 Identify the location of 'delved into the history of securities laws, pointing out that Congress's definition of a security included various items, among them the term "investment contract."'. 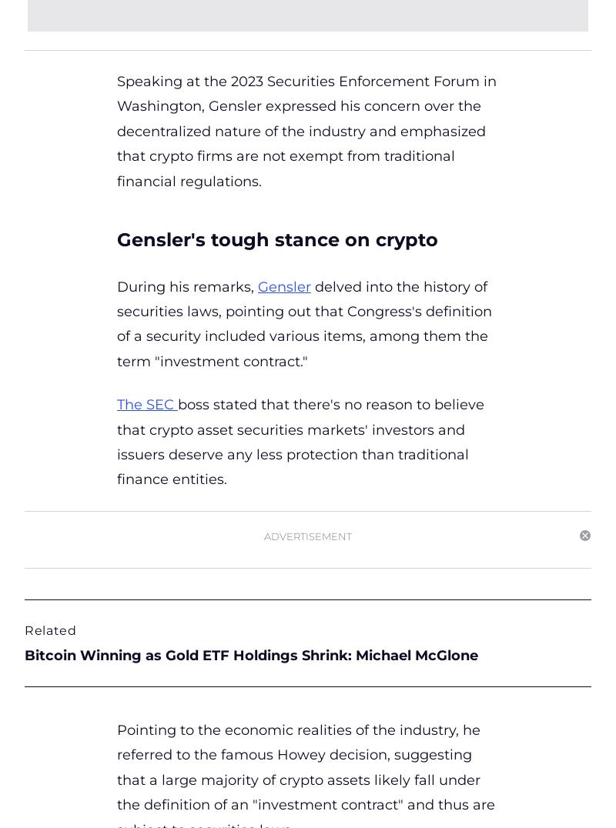
(303, 323).